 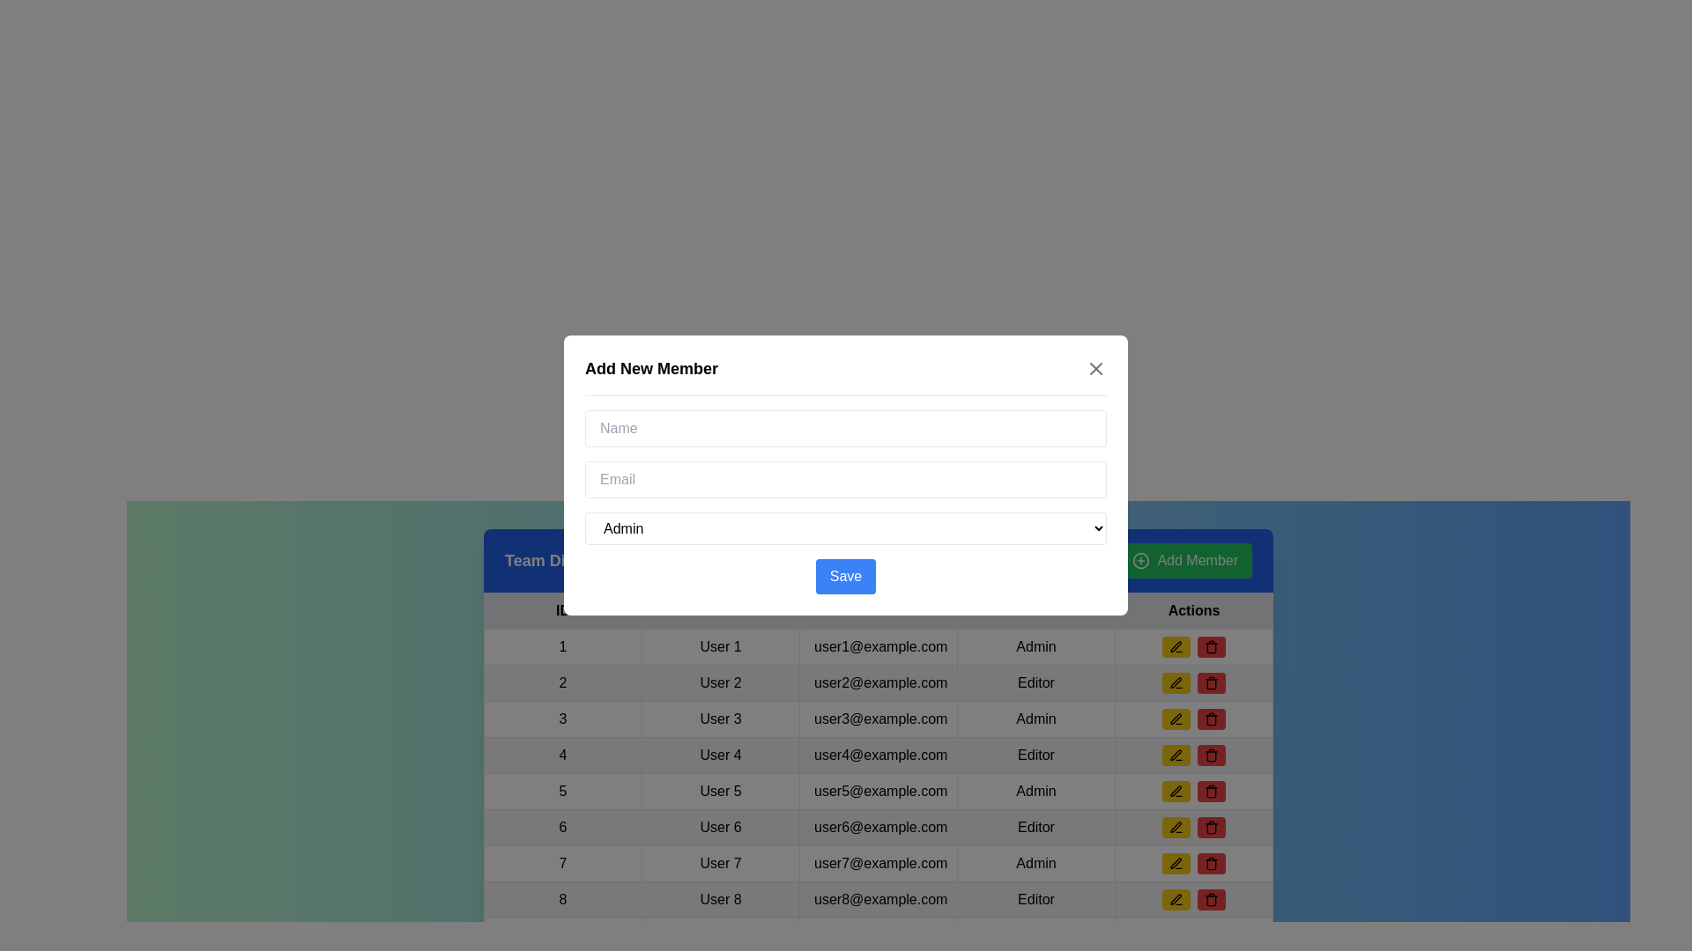 I want to click on the edit icon within the yellow button in the 'Actions' column to modify the details of 'User 5' with the email 'user5@example.com', so click(x=1176, y=682).